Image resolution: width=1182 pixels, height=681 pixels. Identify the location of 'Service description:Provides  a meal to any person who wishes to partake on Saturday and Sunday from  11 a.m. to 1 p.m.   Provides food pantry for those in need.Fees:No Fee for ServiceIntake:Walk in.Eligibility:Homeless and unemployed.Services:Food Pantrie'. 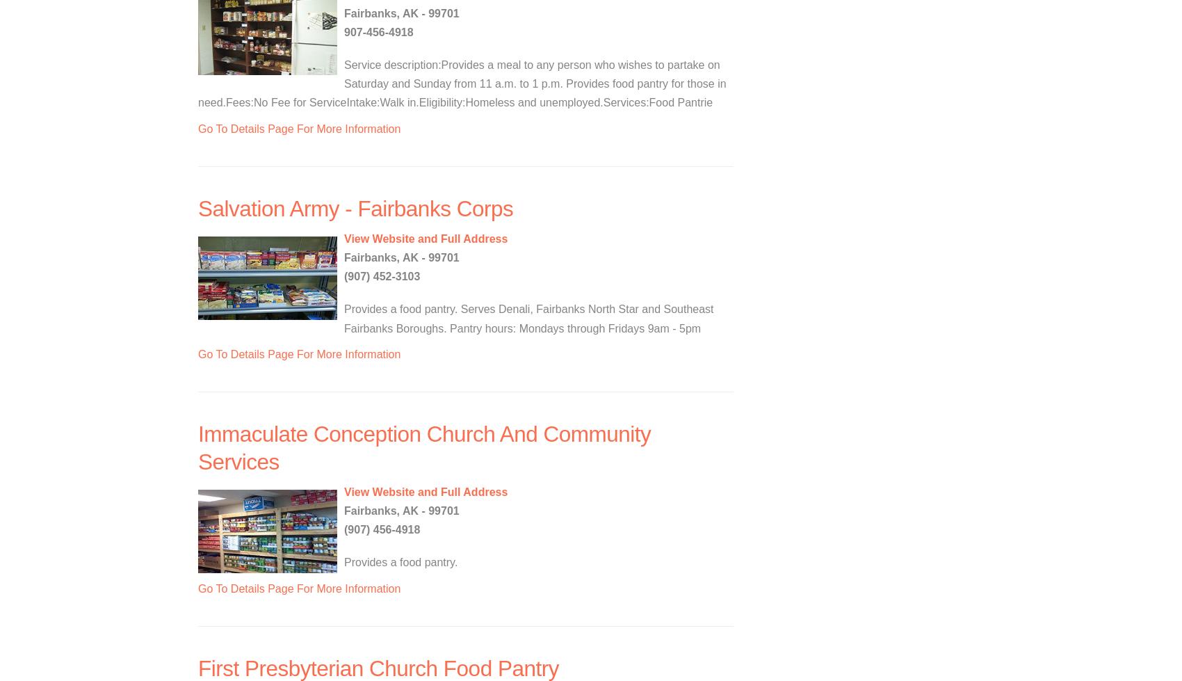
(462, 83).